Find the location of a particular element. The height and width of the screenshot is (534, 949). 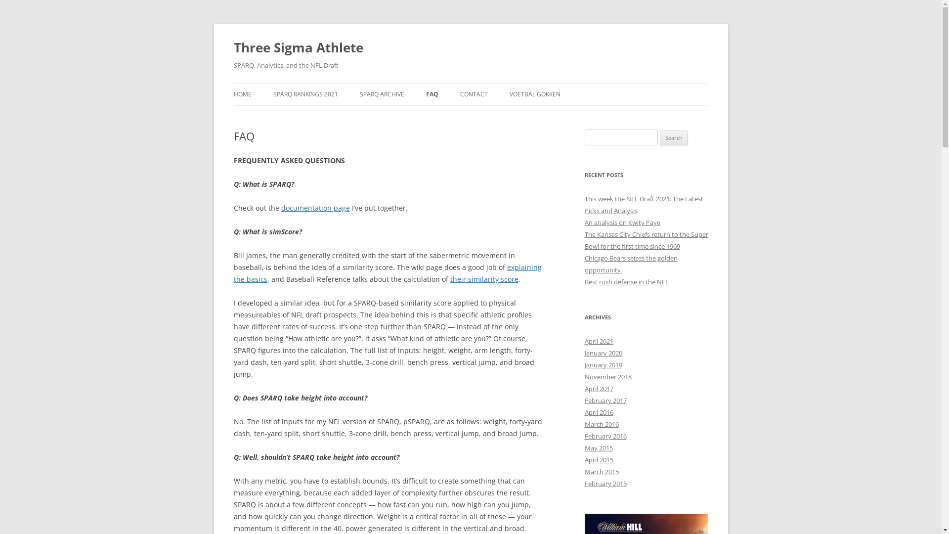

'March 2016' is located at coordinates (601, 423).